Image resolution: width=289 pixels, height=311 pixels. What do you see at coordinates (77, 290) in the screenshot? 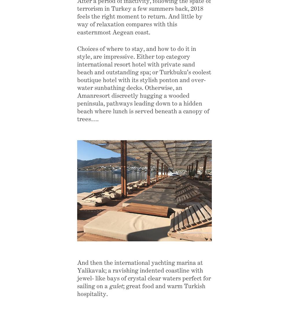
I see `'; great food and warm Turkish hospitality.'` at bounding box center [77, 290].